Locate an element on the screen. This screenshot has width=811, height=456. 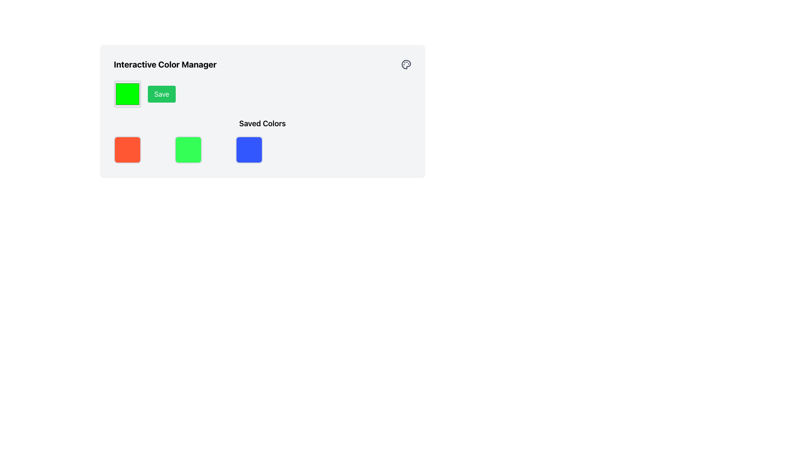
the blue color swatch, which is the third element in a row of five under the 'Saved Colors' section, distinguished by its blue fill color and gray border is located at coordinates (262, 149).